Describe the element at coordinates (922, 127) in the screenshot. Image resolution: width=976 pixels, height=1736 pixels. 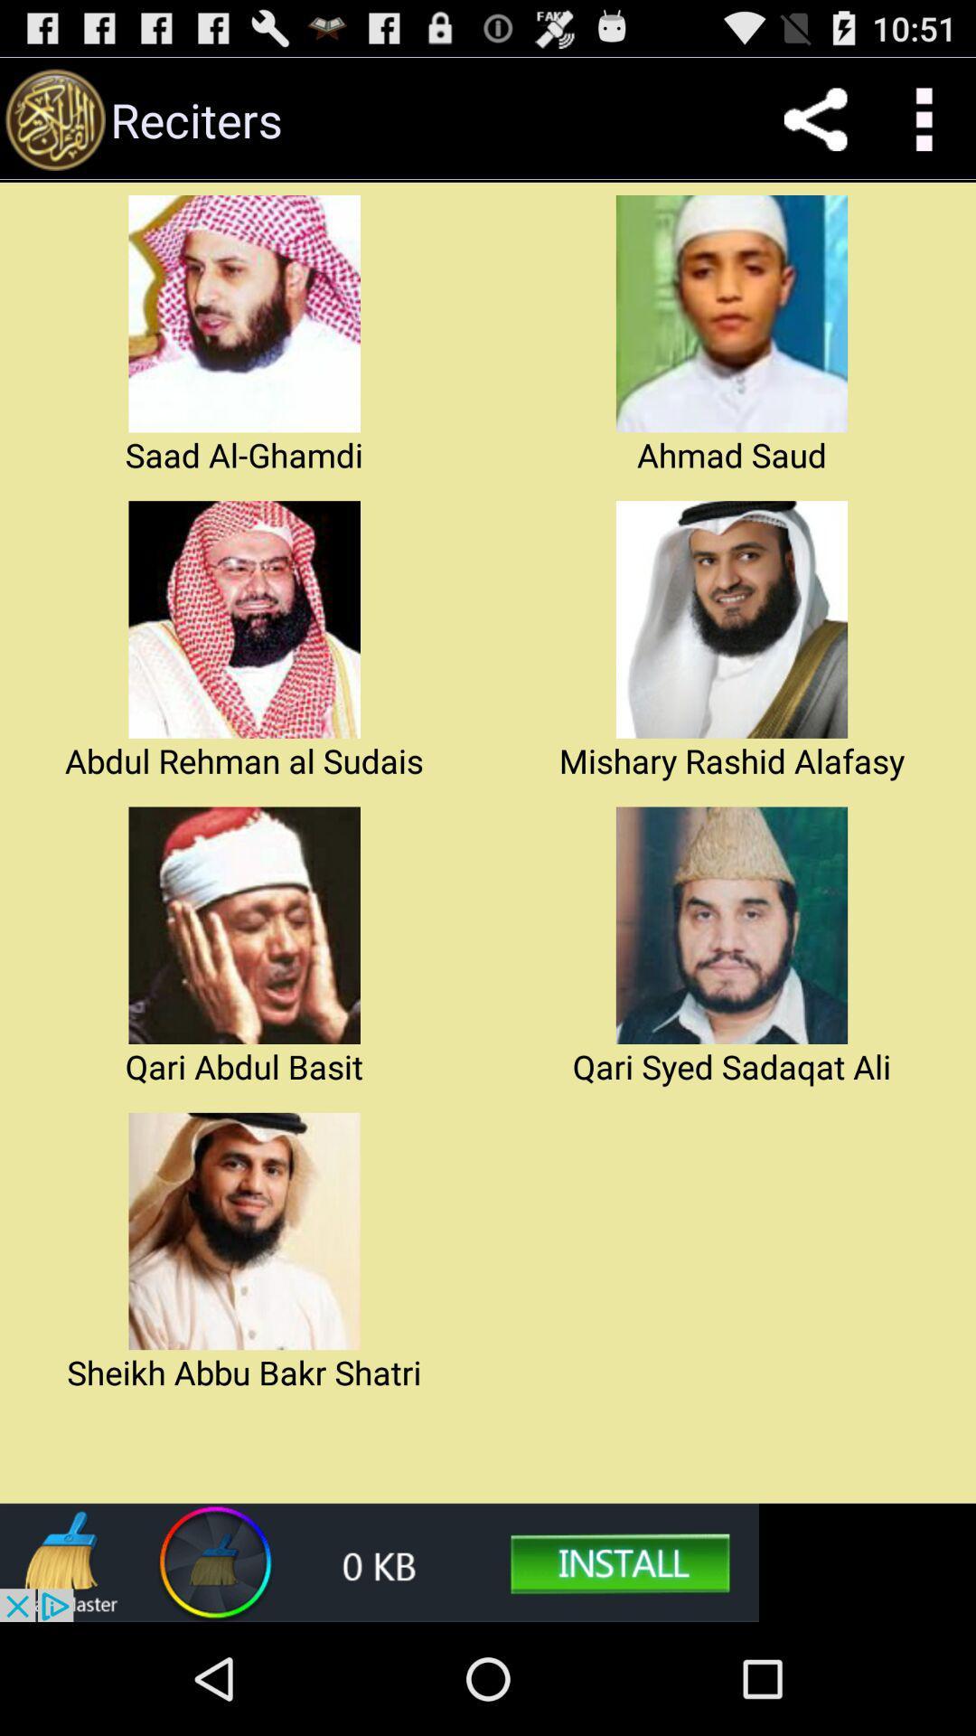
I see `the more icon` at that location.